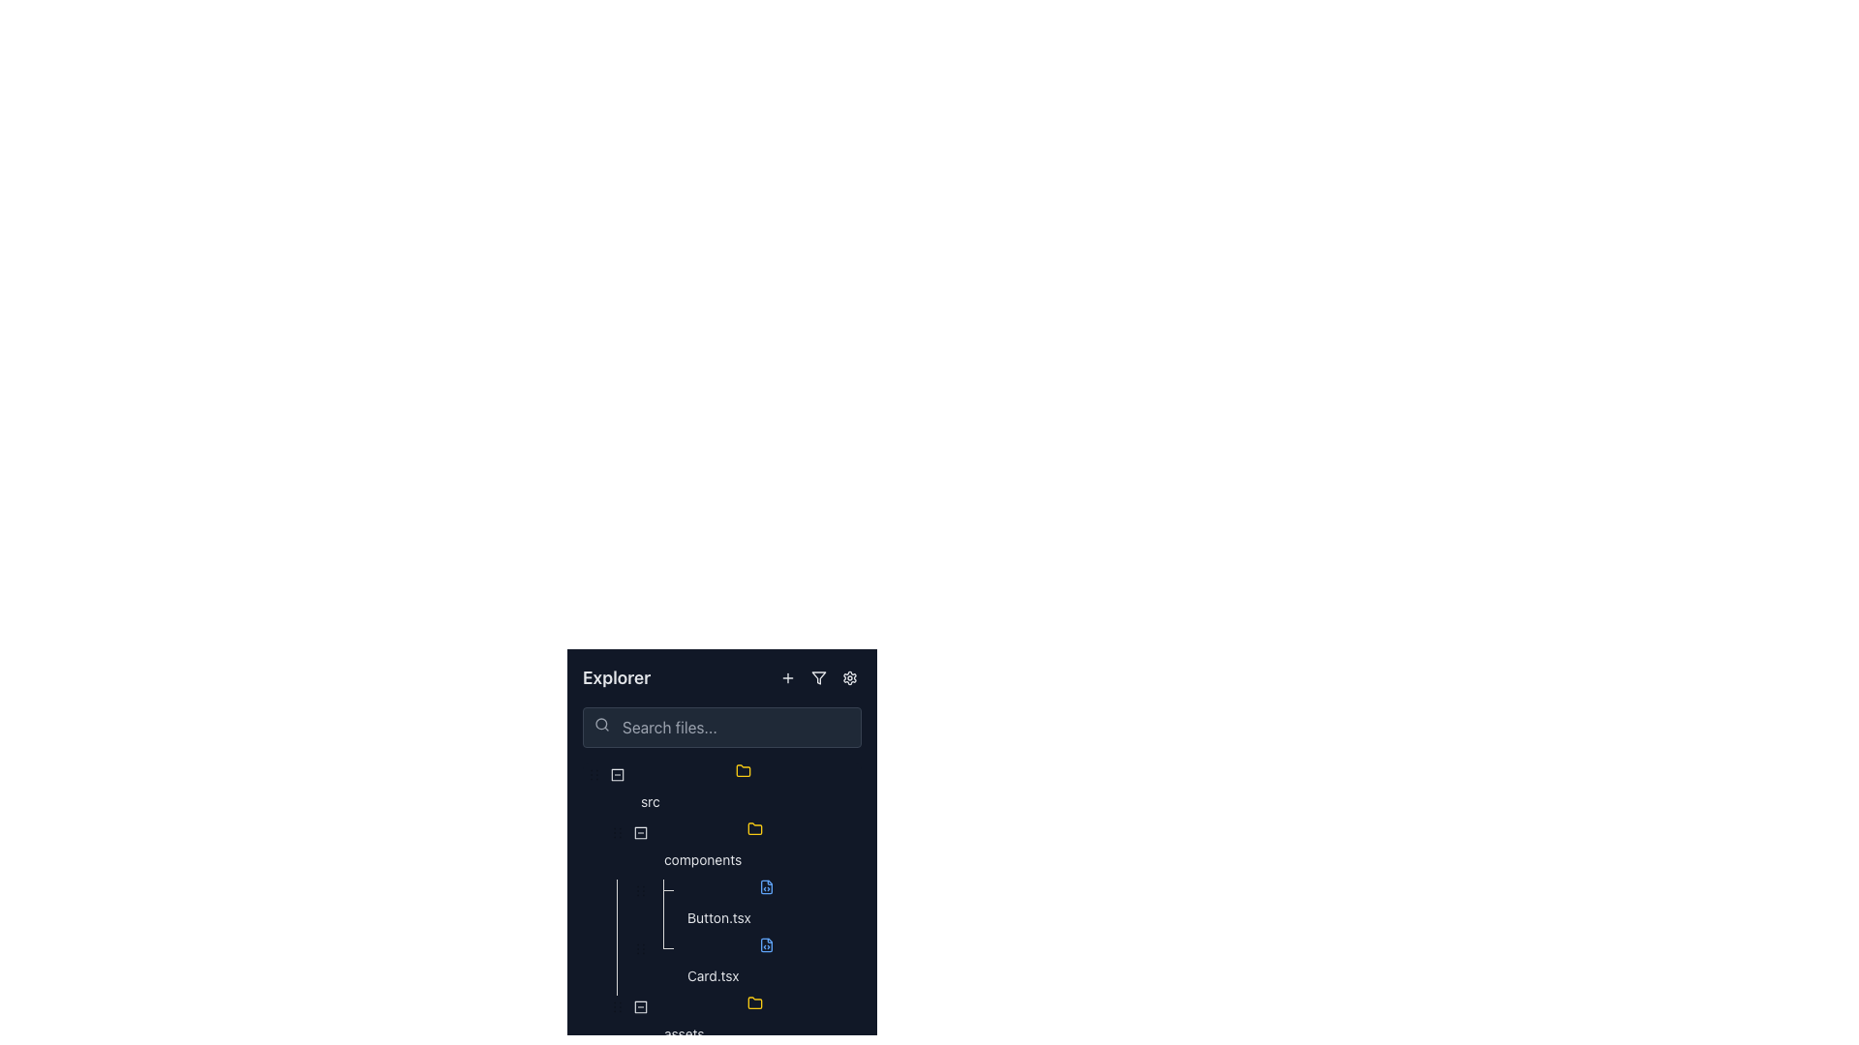  I want to click on the file named 'Card.tsx' within the file explorer UI, so click(720, 964).